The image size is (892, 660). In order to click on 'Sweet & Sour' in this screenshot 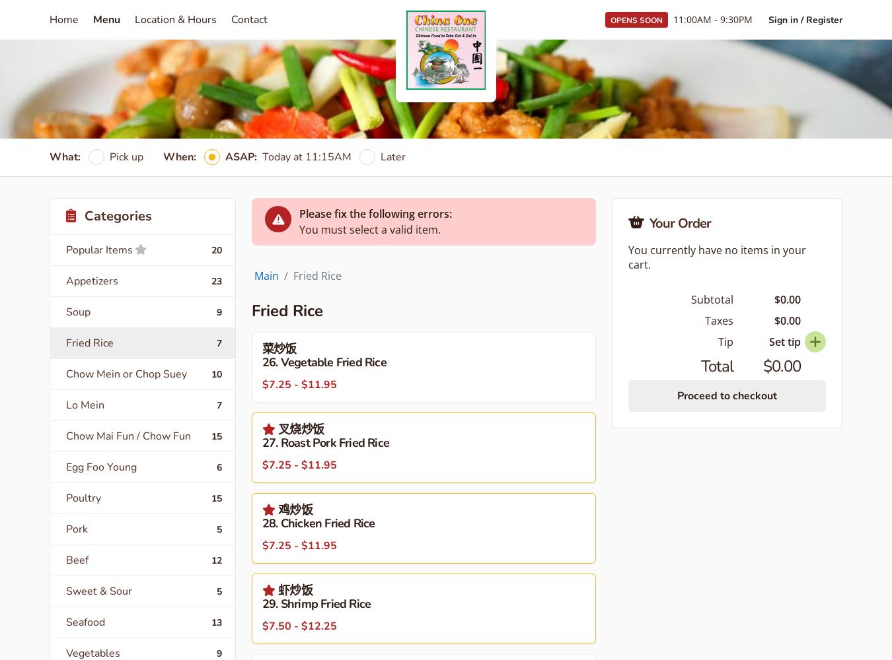, I will do `click(65, 591)`.